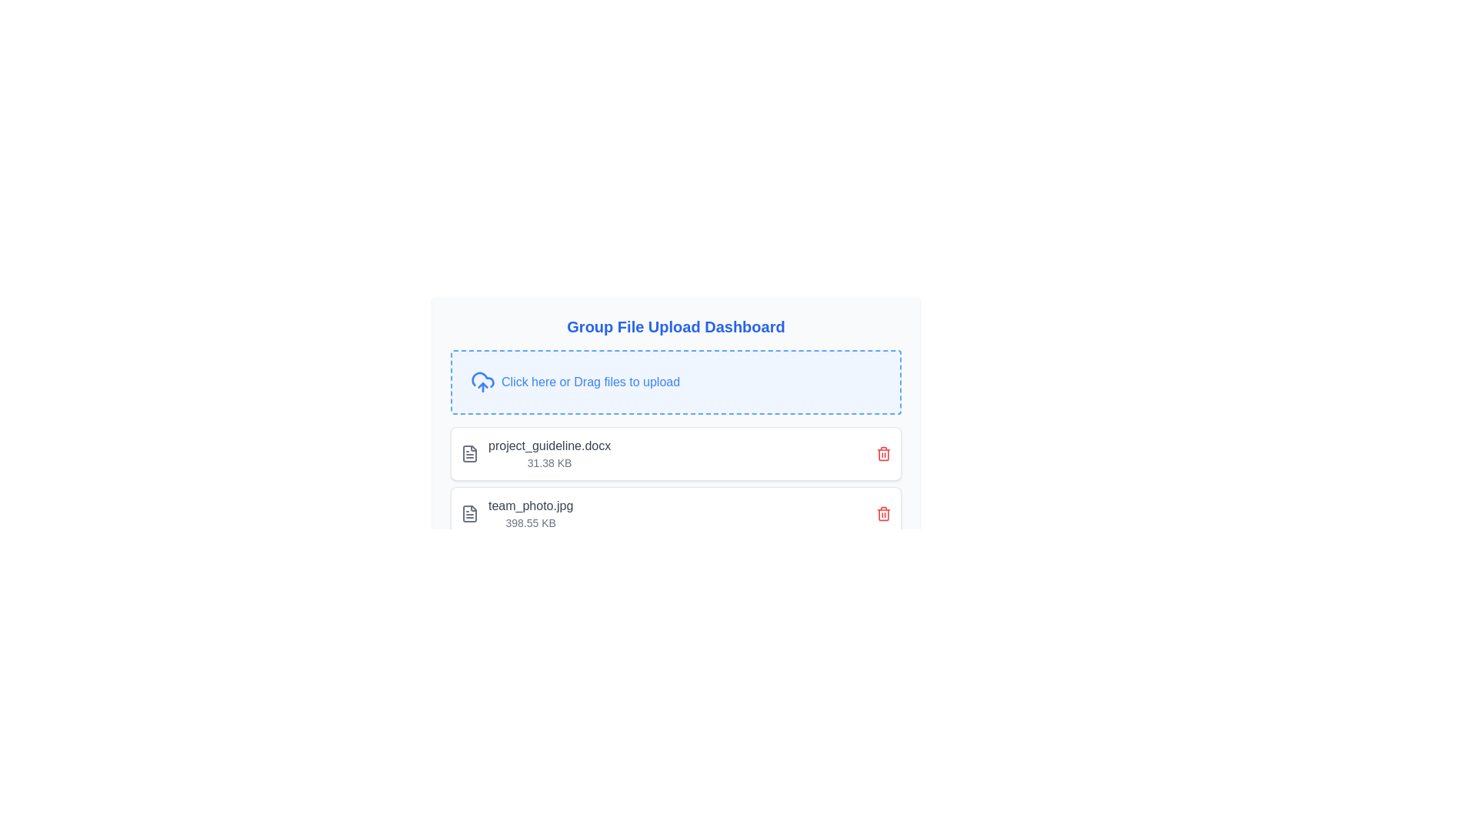 The image size is (1477, 831). What do you see at coordinates (517, 513) in the screenshot?
I see `the file name 'team_photo.jpg'` at bounding box center [517, 513].